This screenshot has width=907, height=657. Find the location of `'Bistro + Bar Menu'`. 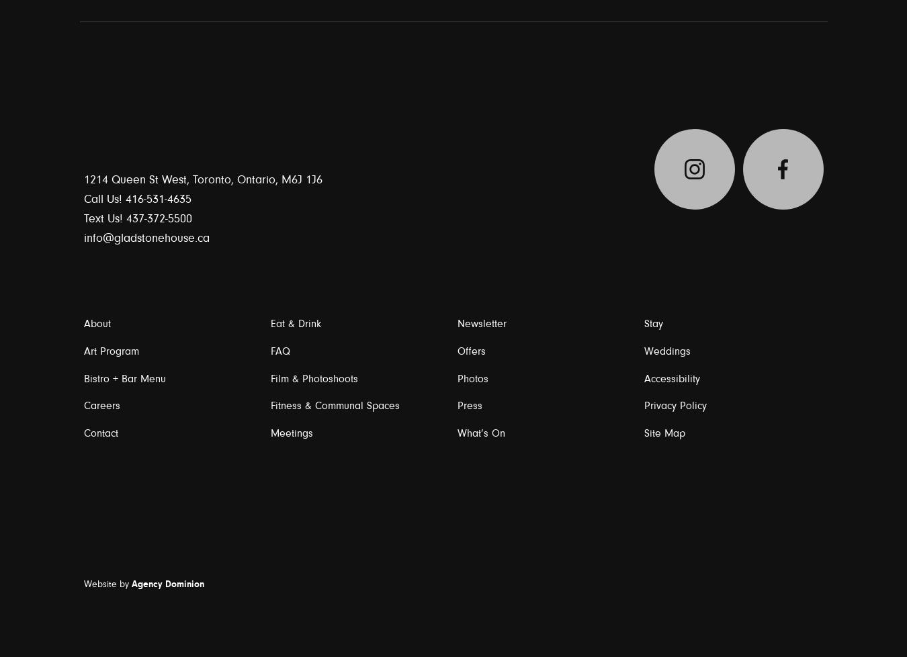

'Bistro + Bar Menu' is located at coordinates (124, 378).